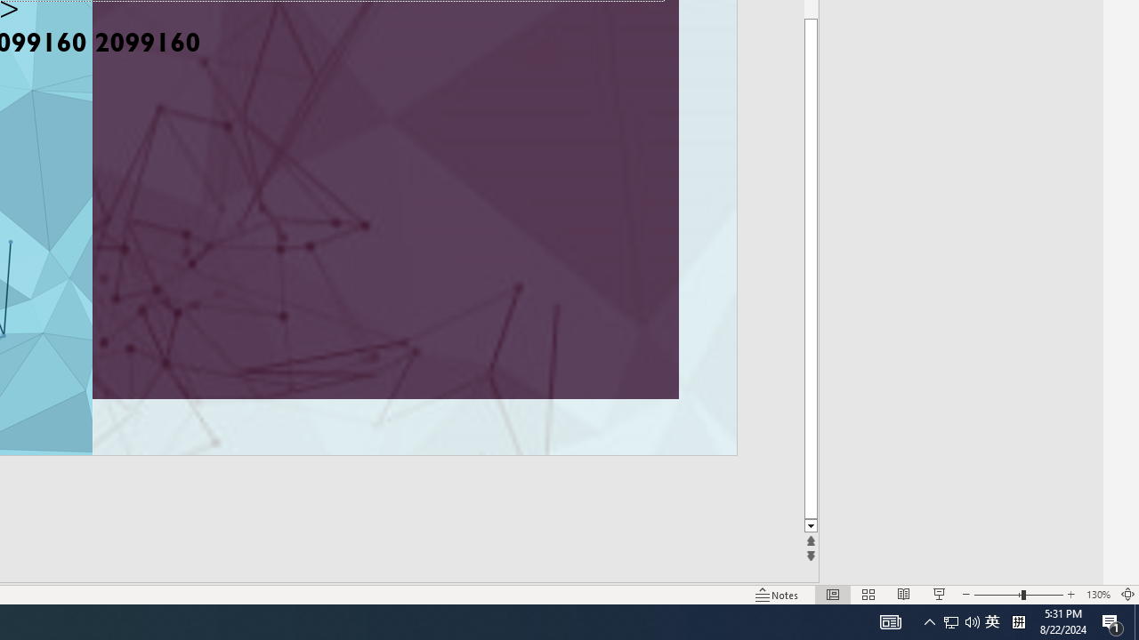 This screenshot has width=1139, height=640. What do you see at coordinates (998, 595) in the screenshot?
I see `'Zoom Out'` at bounding box center [998, 595].